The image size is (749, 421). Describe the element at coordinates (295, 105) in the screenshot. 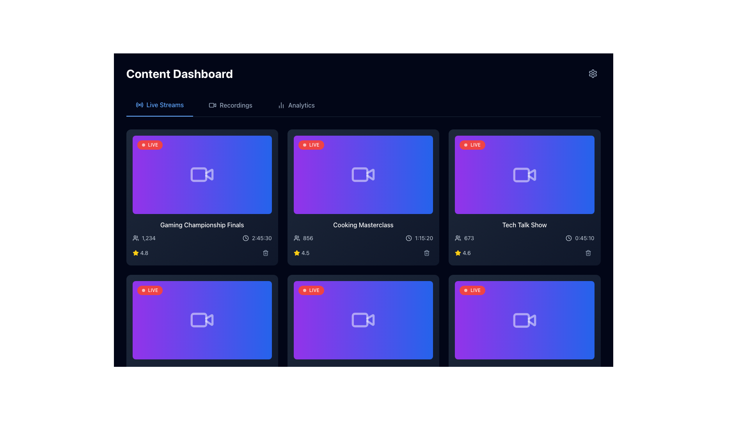

I see `the 'Analytics' navigation button` at that location.